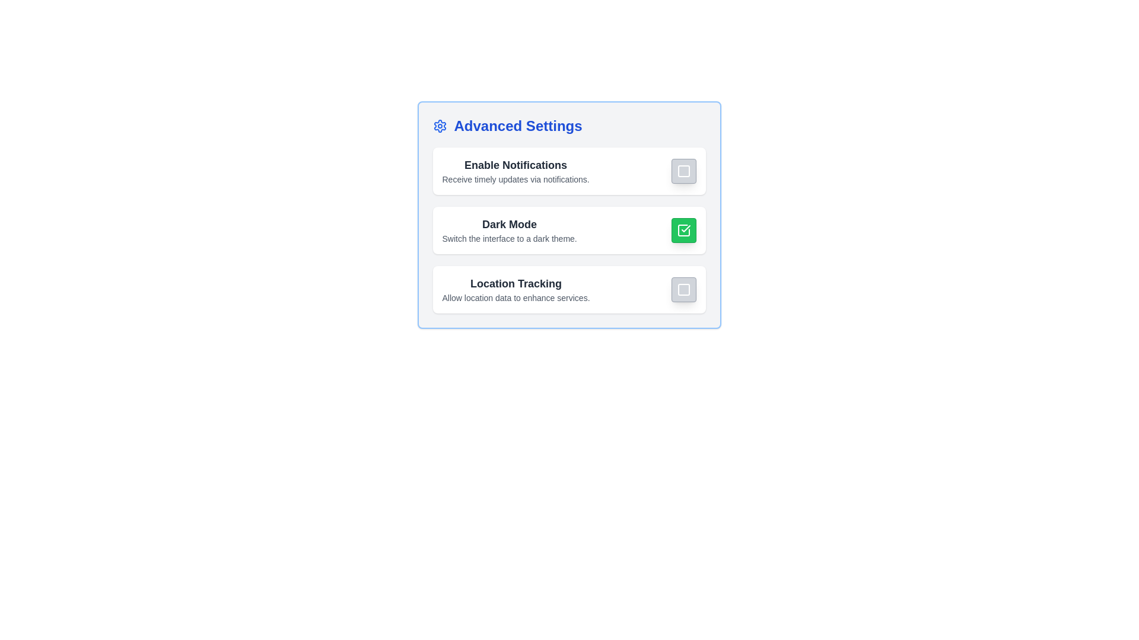 The image size is (1139, 640). What do you see at coordinates (683, 171) in the screenshot?
I see `the inner square of the checkbox-style component labeled 'Enable Notifications' in the 'Advanced Settings' section, which visually represents the checkbox or toggle option` at bounding box center [683, 171].